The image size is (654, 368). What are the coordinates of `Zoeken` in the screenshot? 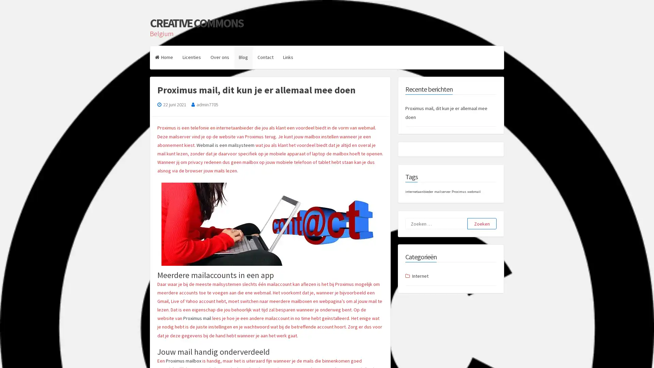 It's located at (482, 224).